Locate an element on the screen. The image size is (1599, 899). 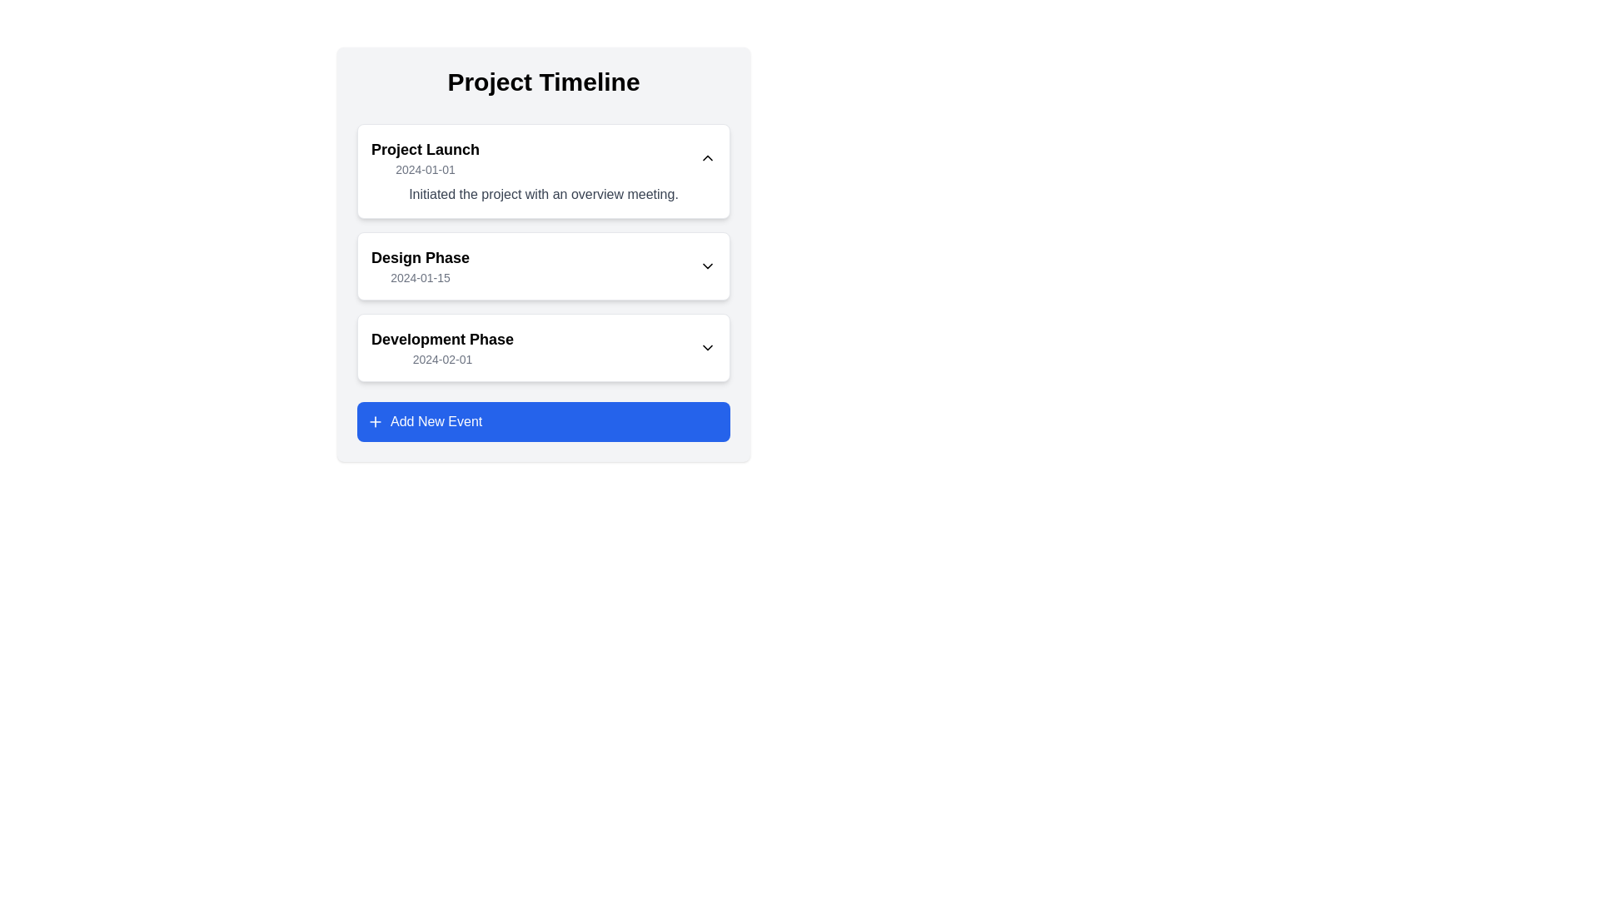
current phase 'Design Phase' and date '2024-01-15' from the collapsible informational card that has a white background and rounded corners, located as the second item in the list of cards is located at coordinates (543, 266).